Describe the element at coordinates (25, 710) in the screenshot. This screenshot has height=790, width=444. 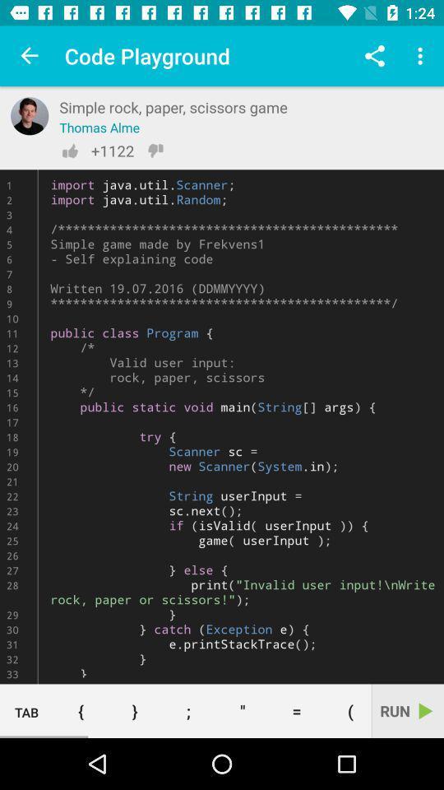
I see `tab` at that location.